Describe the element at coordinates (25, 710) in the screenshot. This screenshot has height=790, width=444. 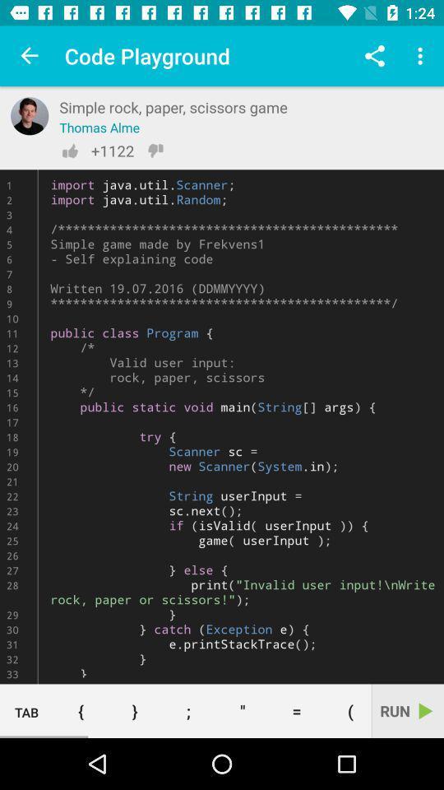
I see `tab` at that location.